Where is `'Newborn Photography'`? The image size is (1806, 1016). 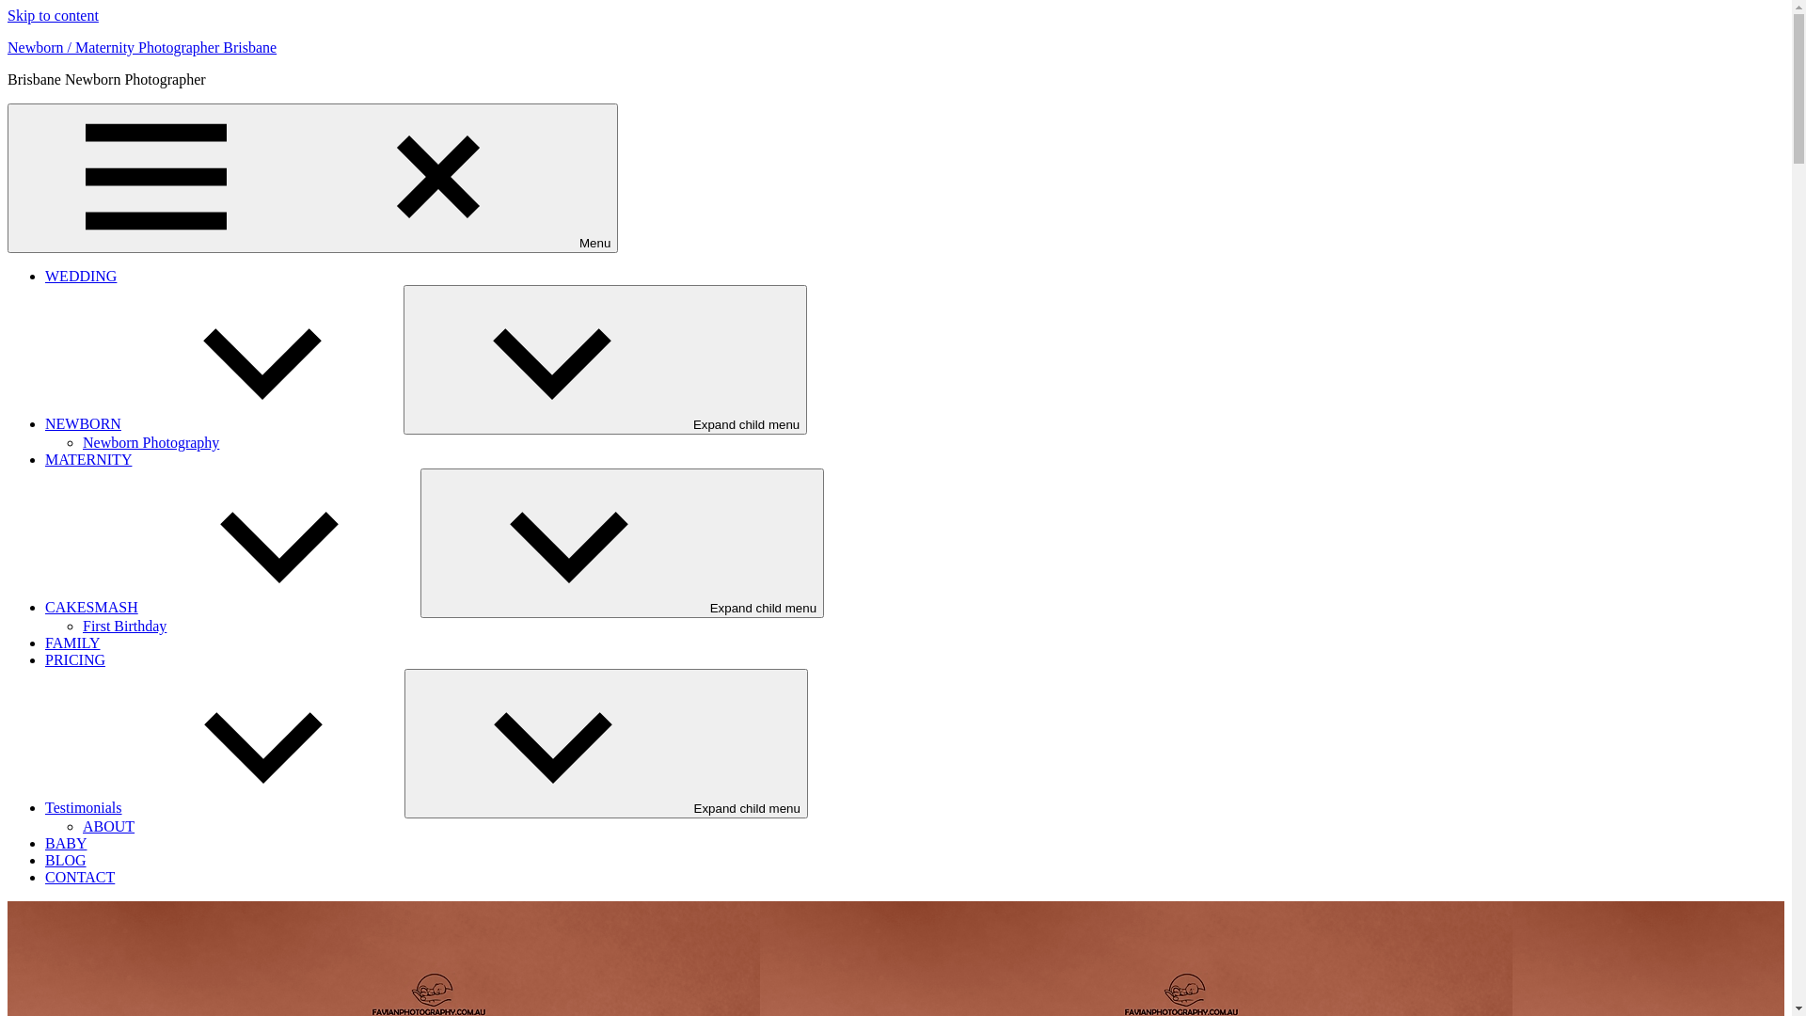 'Newborn Photography' is located at coordinates (150, 442).